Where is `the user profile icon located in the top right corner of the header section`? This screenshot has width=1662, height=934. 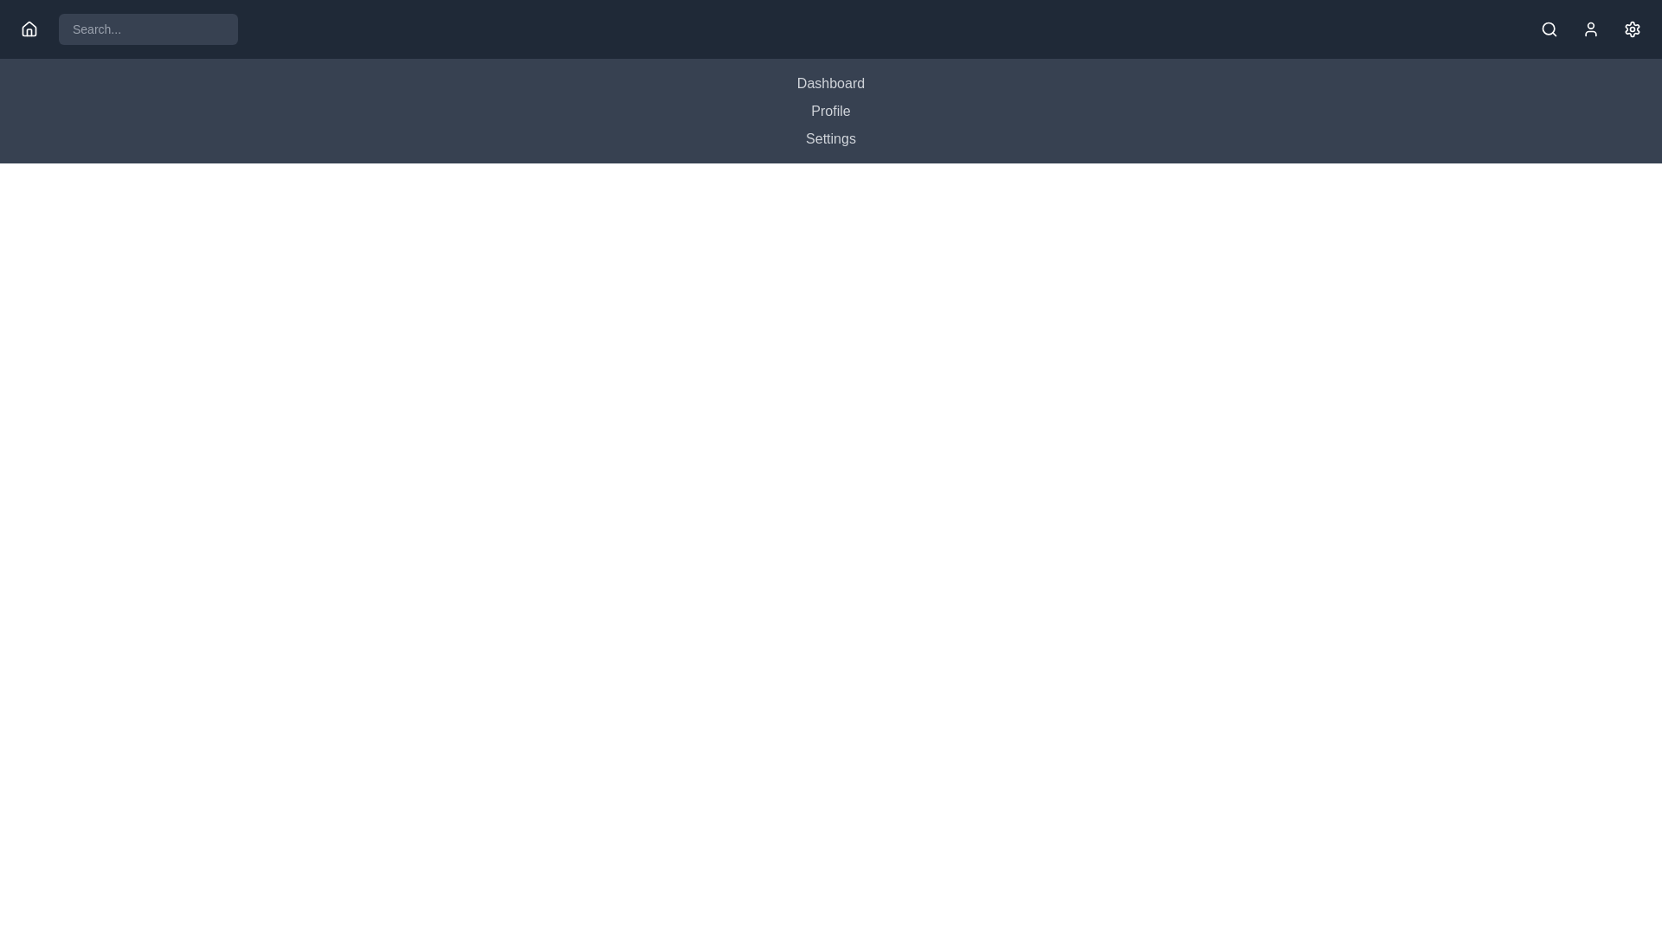
the user profile icon located in the top right corner of the header section is located at coordinates (1591, 29).